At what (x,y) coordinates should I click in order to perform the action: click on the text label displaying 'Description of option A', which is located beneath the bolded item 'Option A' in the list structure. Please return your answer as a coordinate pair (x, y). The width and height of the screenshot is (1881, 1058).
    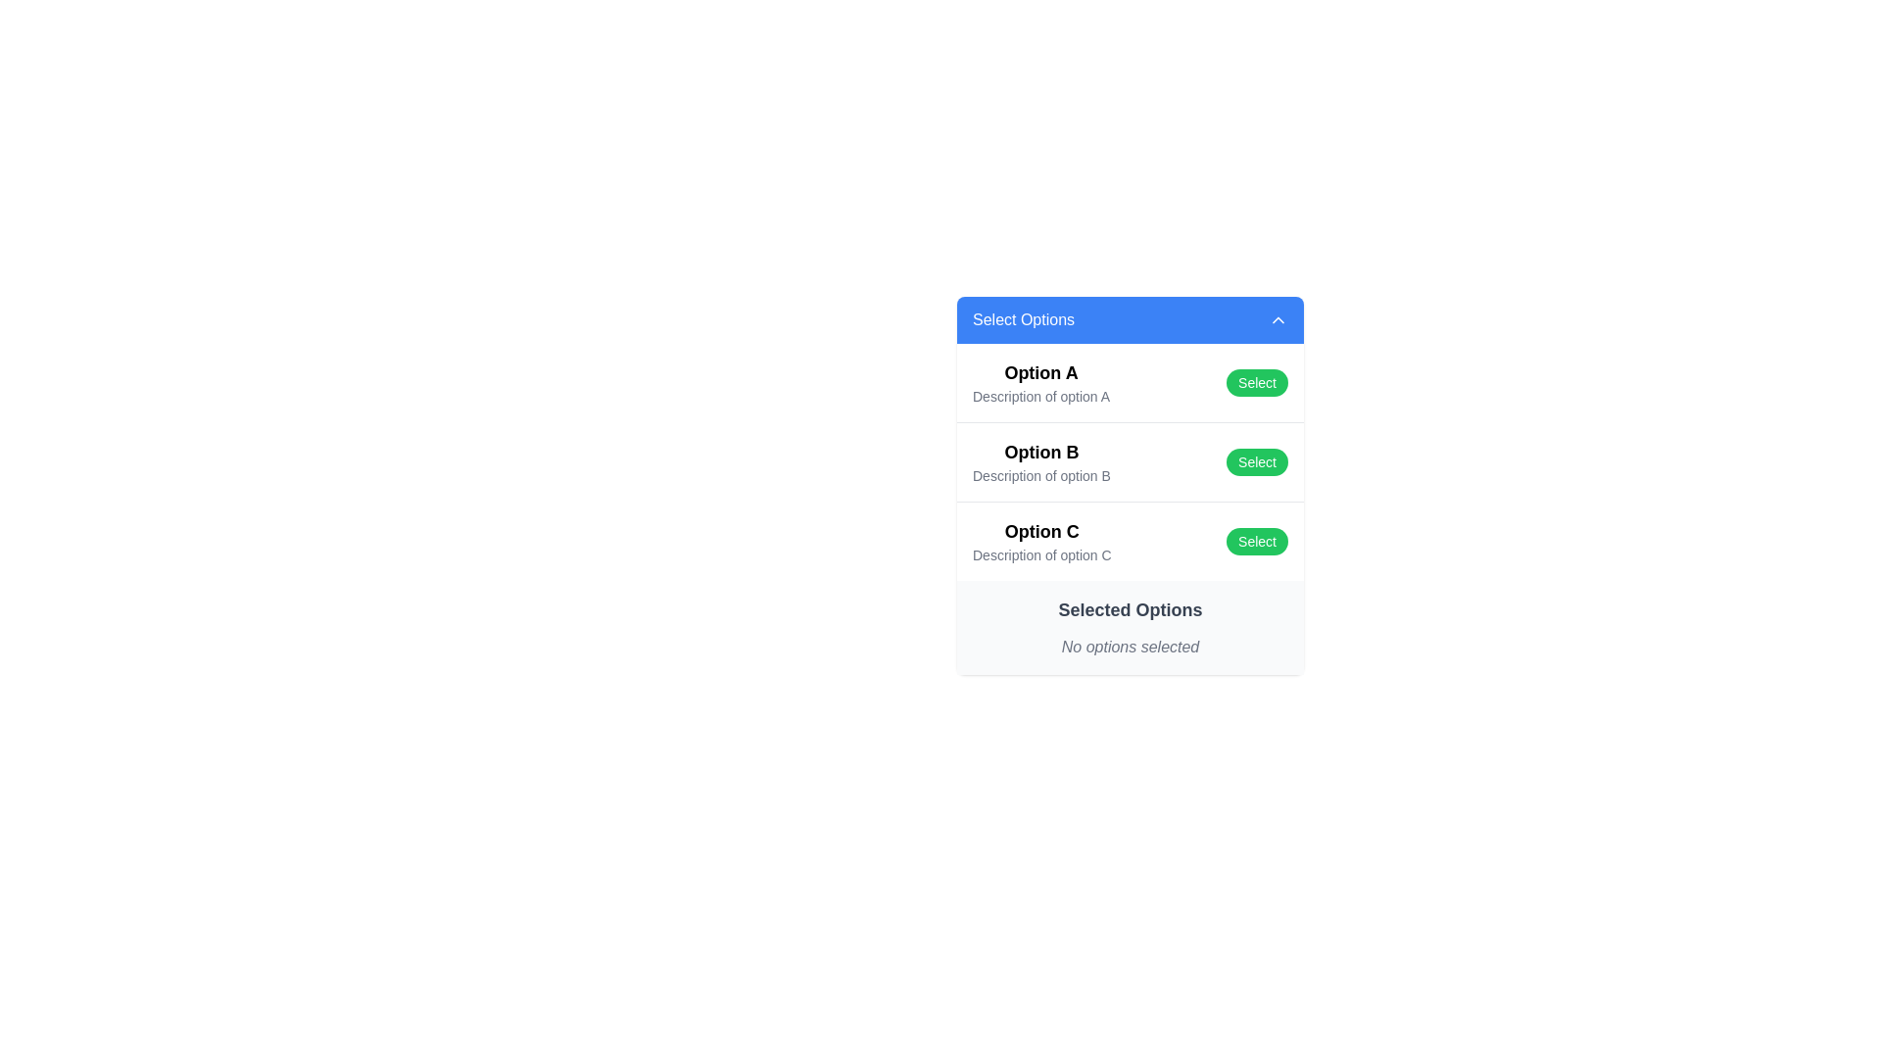
    Looking at the image, I should click on (1040, 397).